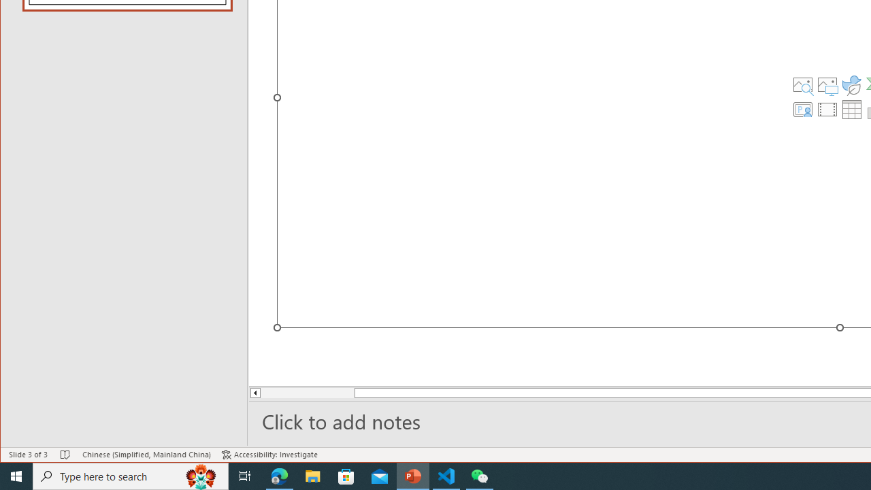 This screenshot has height=490, width=871. I want to click on 'Visual Studio Code - 1 running window', so click(446, 475).